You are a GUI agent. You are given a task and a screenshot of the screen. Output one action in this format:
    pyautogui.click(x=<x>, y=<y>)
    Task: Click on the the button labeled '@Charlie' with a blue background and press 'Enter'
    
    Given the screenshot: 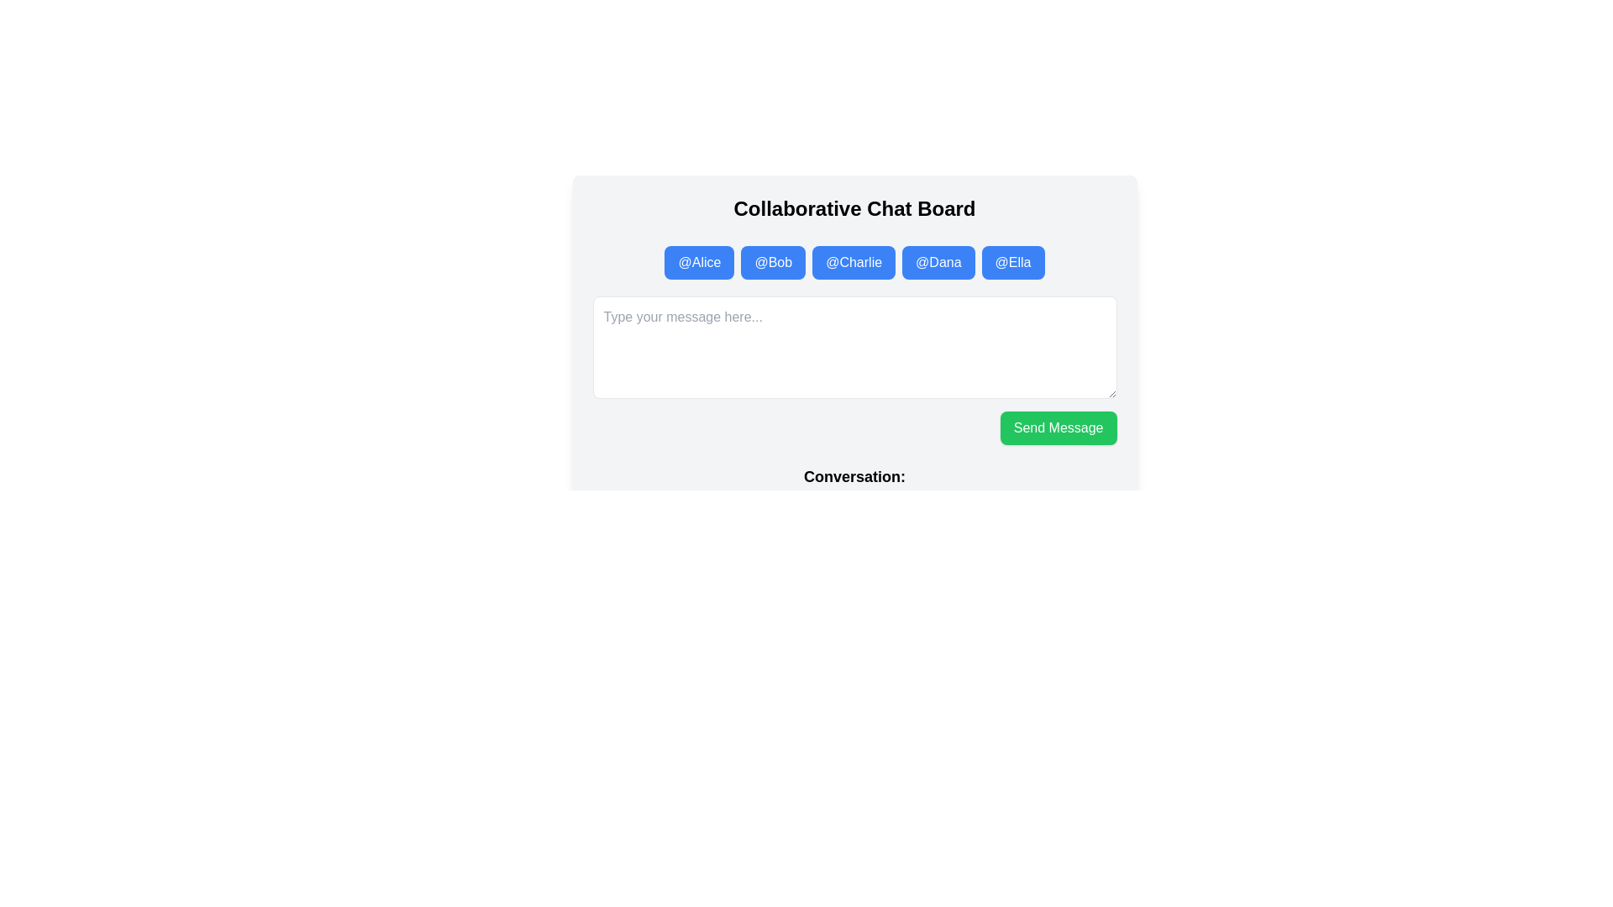 What is the action you would take?
    pyautogui.click(x=854, y=262)
    